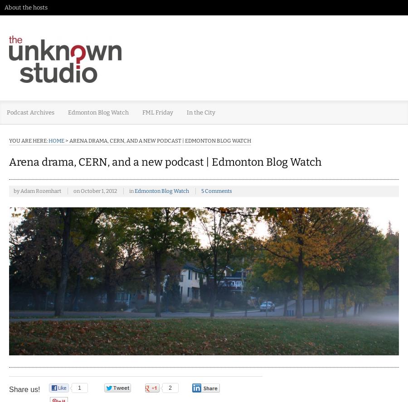 The width and height of the screenshot is (408, 402). What do you see at coordinates (201, 190) in the screenshot?
I see `'5 Comments'` at bounding box center [201, 190].